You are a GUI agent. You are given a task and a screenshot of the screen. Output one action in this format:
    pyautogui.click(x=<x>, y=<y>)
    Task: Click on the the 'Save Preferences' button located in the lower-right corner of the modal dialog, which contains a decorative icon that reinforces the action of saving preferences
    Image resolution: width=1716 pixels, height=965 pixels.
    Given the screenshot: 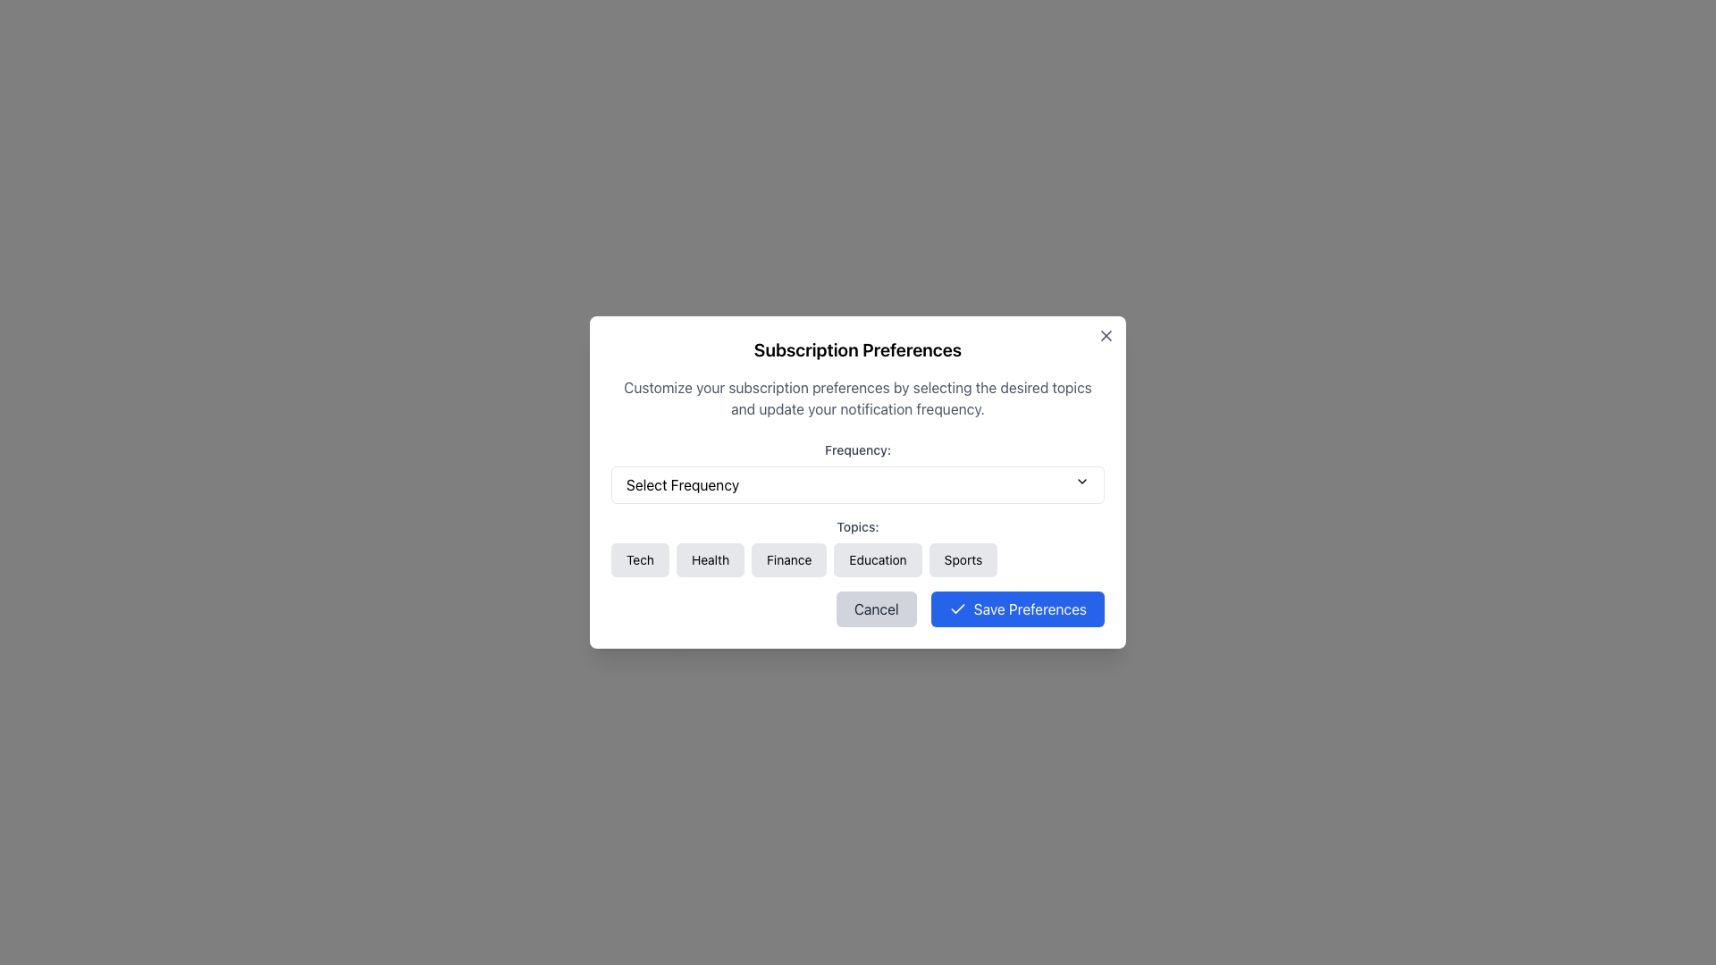 What is the action you would take?
    pyautogui.click(x=956, y=608)
    